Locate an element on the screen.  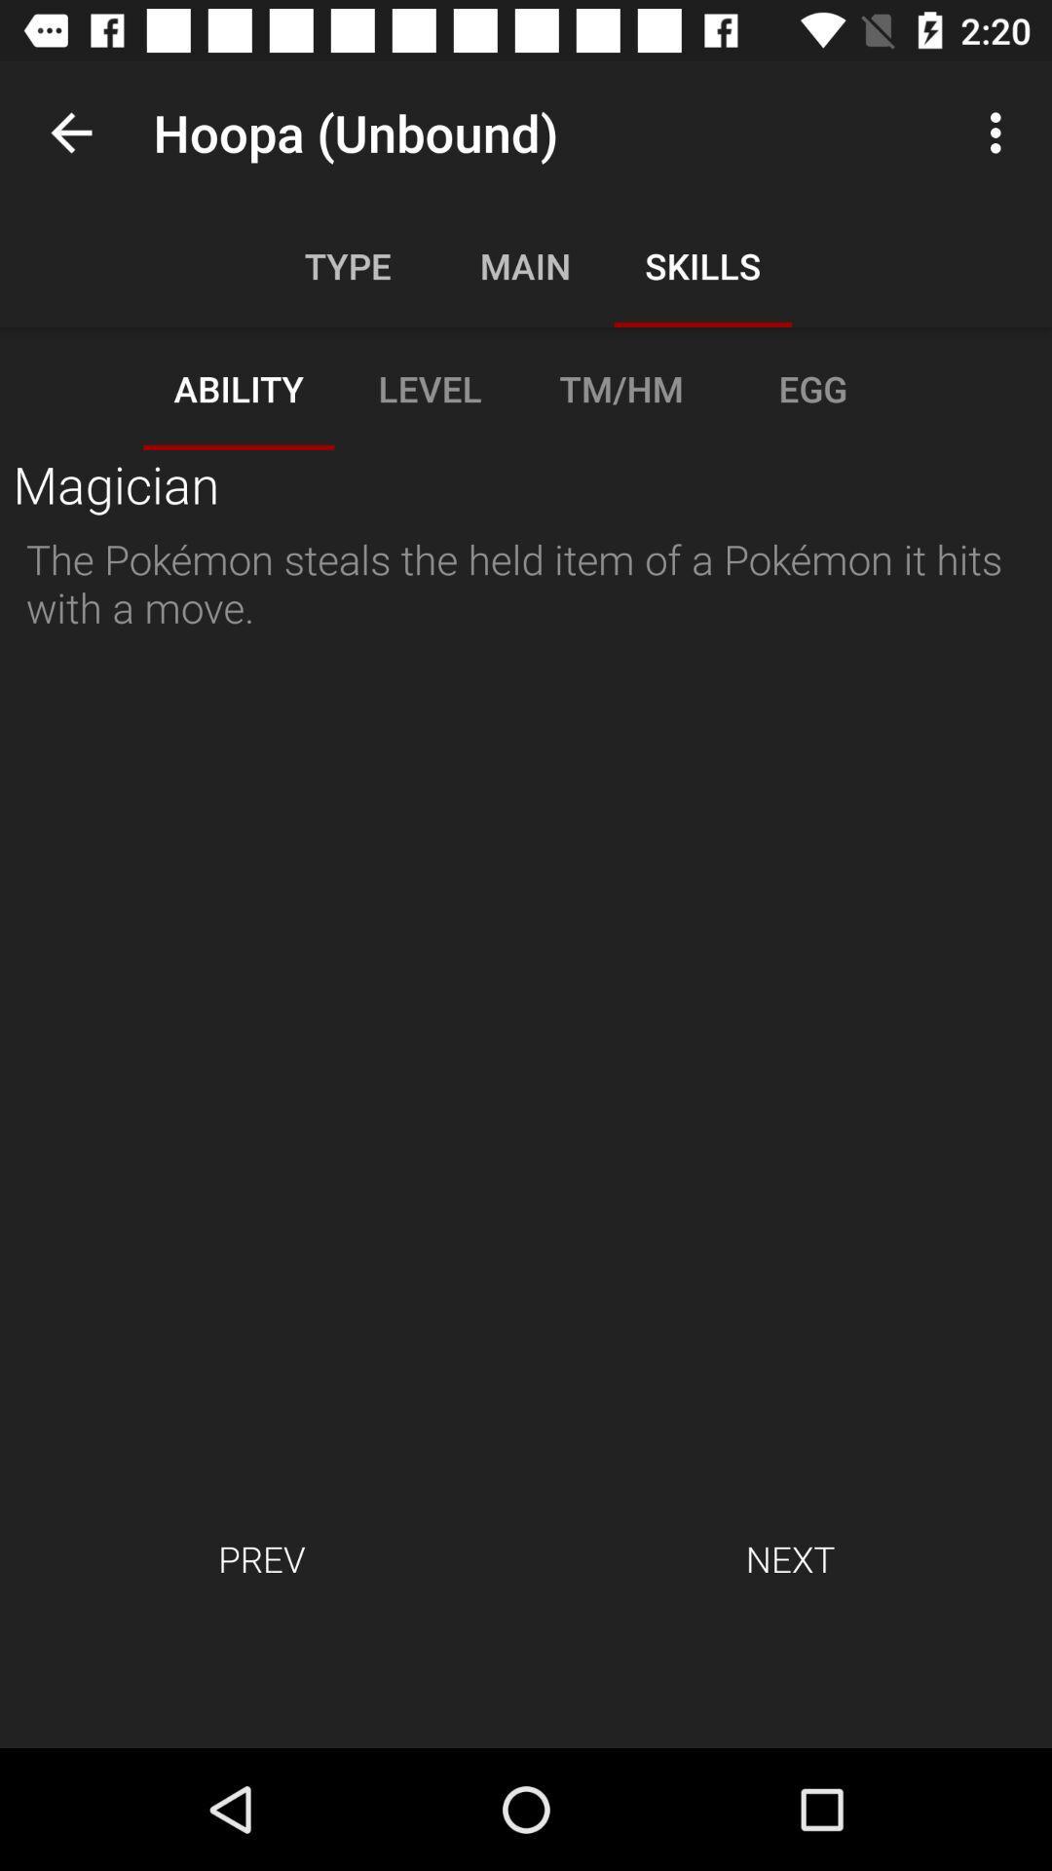
the icon to the left of the hoopa (unbound) icon is located at coordinates (70, 132).